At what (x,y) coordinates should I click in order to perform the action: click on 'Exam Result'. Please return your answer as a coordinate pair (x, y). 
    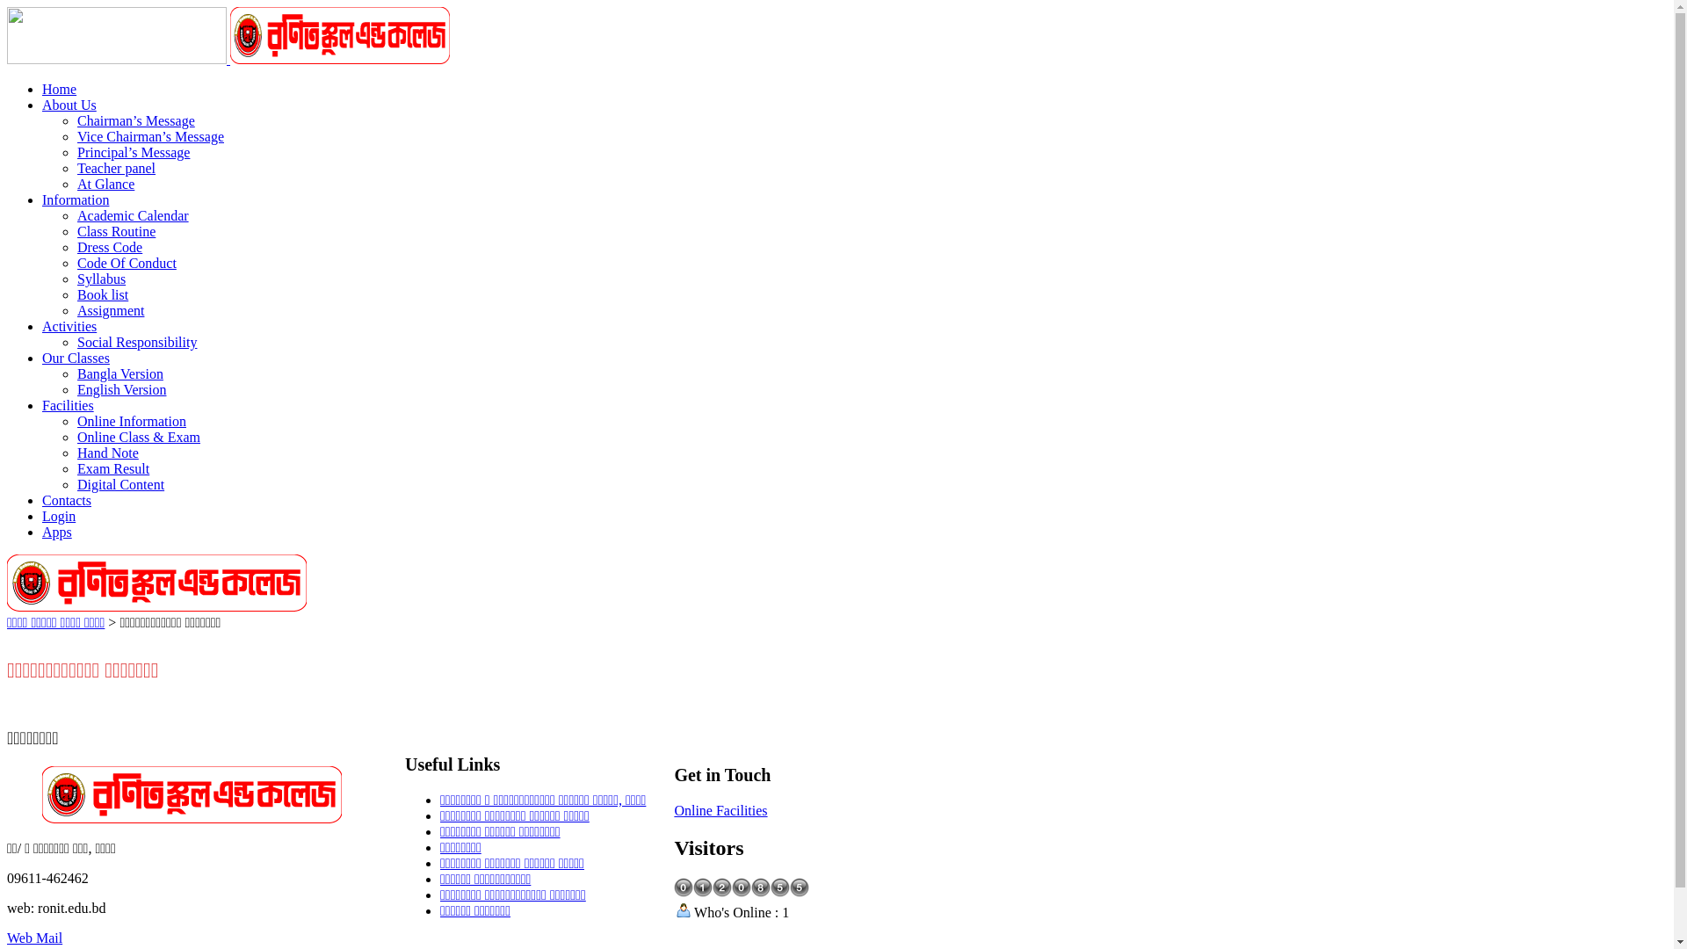
    Looking at the image, I should click on (76, 467).